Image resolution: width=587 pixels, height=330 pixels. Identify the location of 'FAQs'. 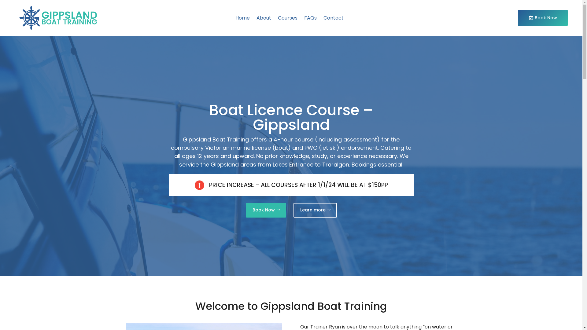
(310, 17).